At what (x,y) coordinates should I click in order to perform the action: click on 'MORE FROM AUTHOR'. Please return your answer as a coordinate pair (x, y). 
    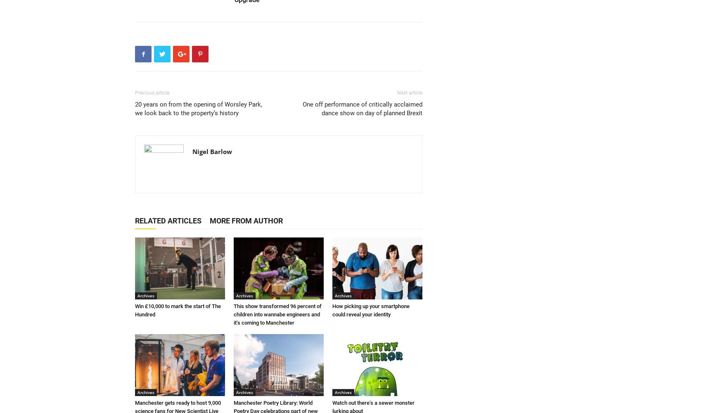
    Looking at the image, I should click on (246, 221).